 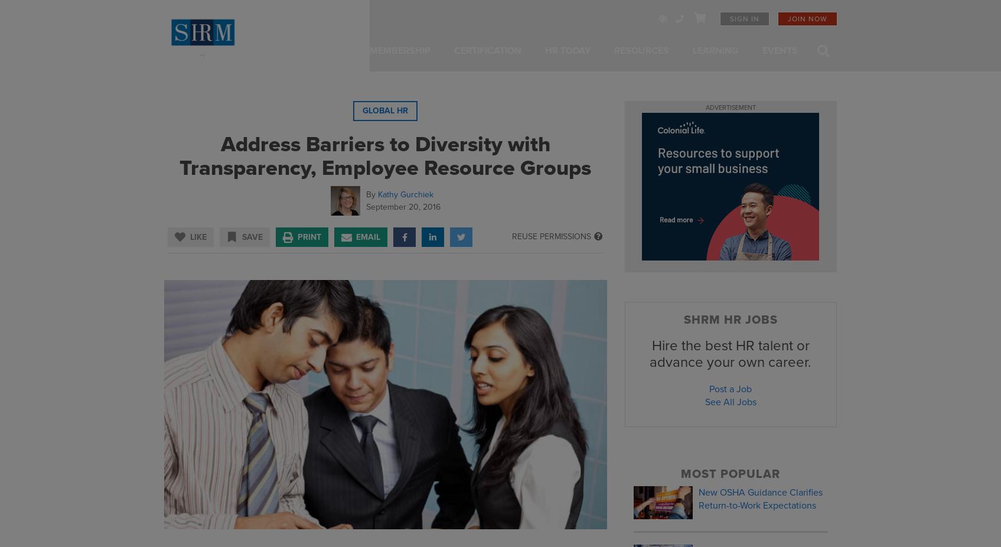 I want to click on 'SAVE', so click(x=252, y=236).